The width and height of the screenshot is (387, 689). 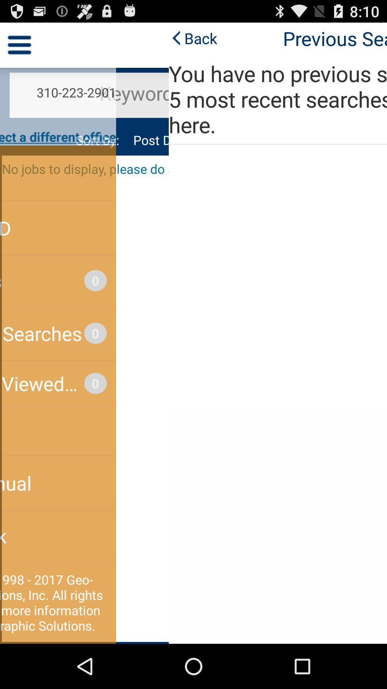 I want to click on the you have no app, so click(x=193, y=99).